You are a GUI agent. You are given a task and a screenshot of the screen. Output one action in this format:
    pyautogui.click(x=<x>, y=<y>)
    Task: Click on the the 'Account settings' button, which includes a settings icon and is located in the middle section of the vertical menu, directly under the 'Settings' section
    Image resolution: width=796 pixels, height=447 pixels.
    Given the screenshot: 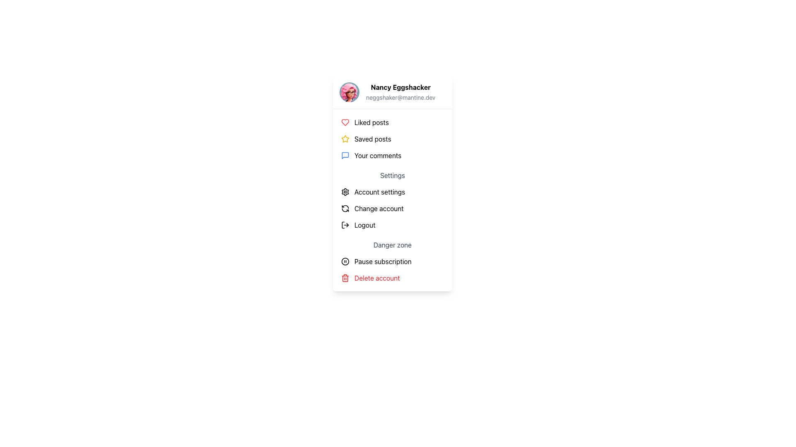 What is the action you would take?
    pyautogui.click(x=392, y=192)
    